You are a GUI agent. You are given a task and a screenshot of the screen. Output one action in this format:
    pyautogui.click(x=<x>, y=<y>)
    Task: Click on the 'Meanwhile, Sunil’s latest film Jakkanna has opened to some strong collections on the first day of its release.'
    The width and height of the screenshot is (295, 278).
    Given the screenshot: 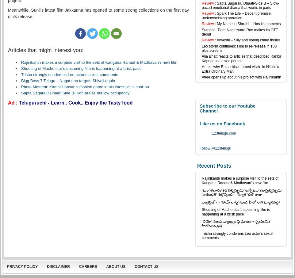 What is the action you would take?
    pyautogui.click(x=98, y=13)
    